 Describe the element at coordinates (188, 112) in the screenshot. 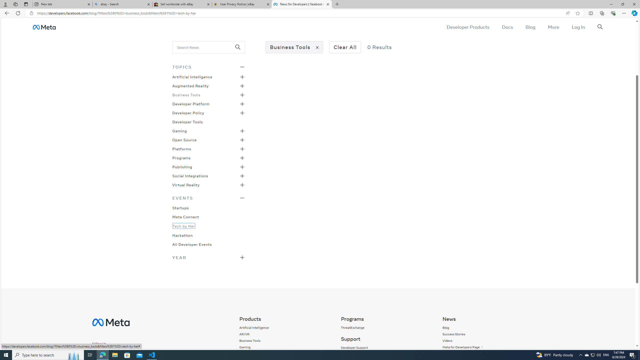

I see `'Developer Policy'` at that location.